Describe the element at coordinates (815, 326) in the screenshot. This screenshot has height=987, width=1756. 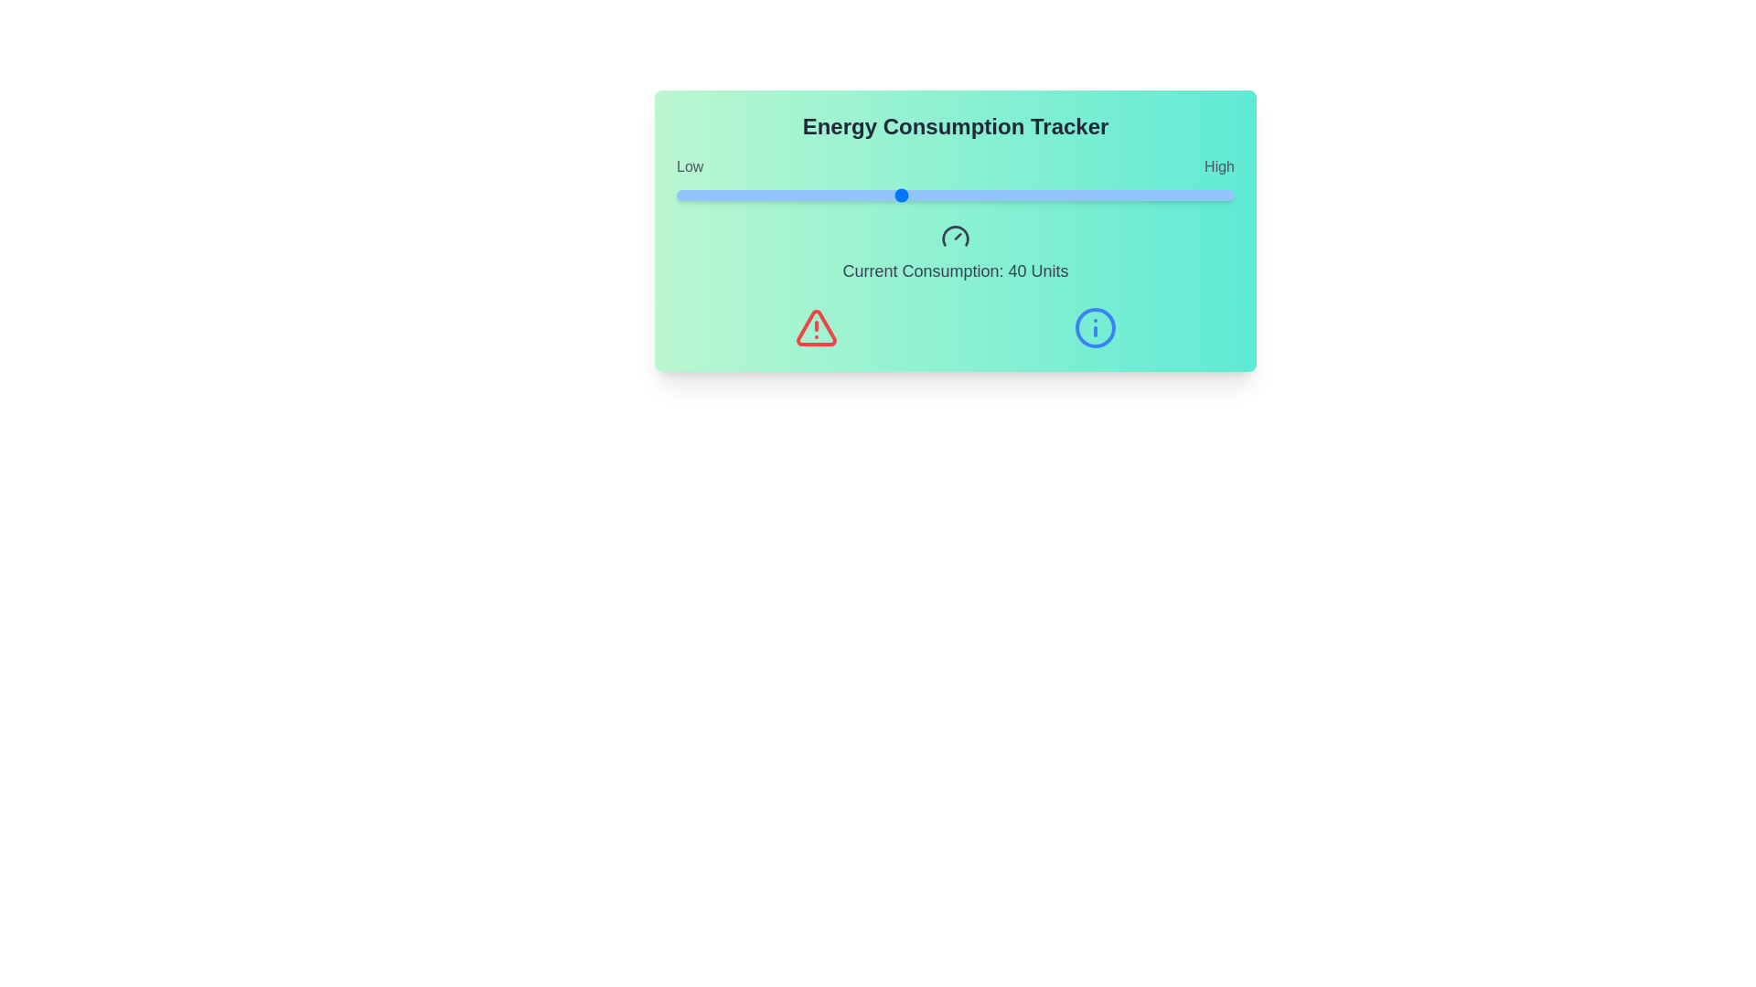
I see `the warning icon to display additional information` at that location.